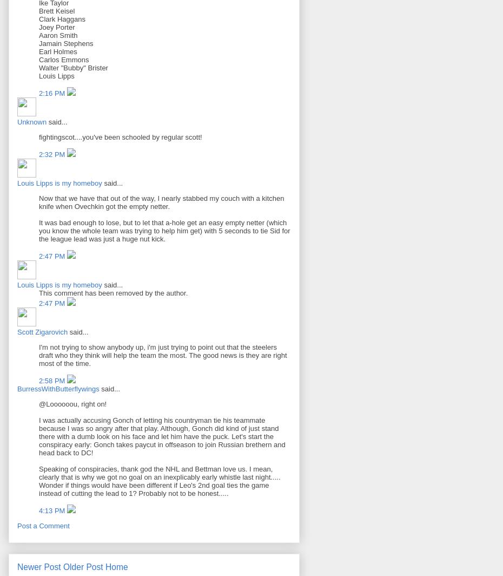 Image resolution: width=503 pixels, height=576 pixels. What do you see at coordinates (58, 389) in the screenshot?
I see `'BurressWithButterflywings'` at bounding box center [58, 389].